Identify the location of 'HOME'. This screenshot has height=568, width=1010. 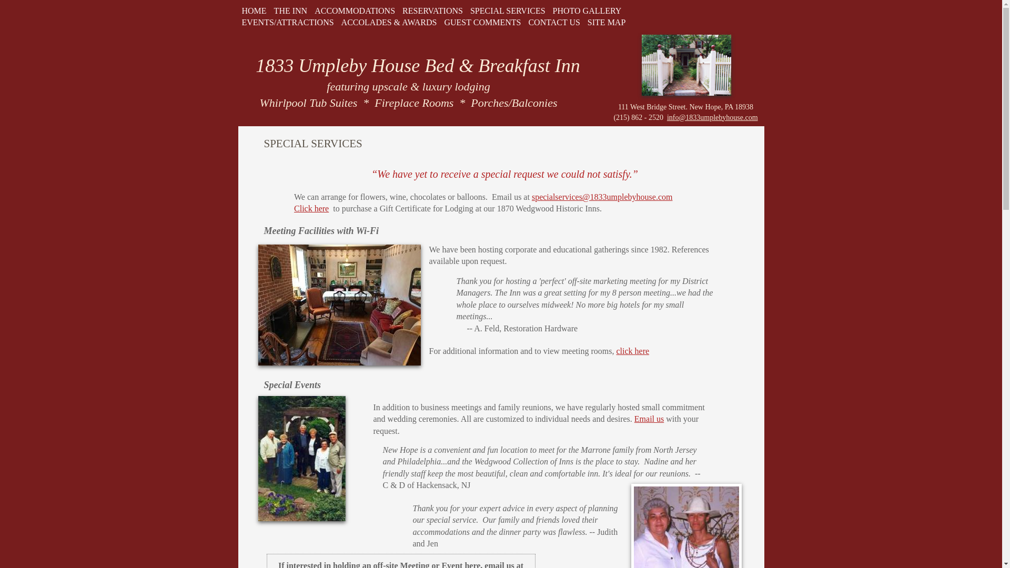
(254, 11).